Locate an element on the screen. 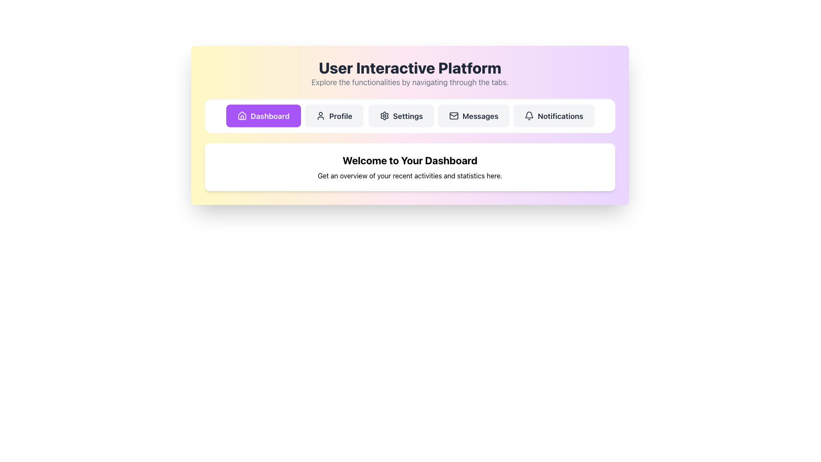 The image size is (821, 462). the Static Text Display which contains the bold header 'Welcome to Your Dashboard' and subtext 'Get an overview of your recent activities and statistics here.' is located at coordinates (410, 167).